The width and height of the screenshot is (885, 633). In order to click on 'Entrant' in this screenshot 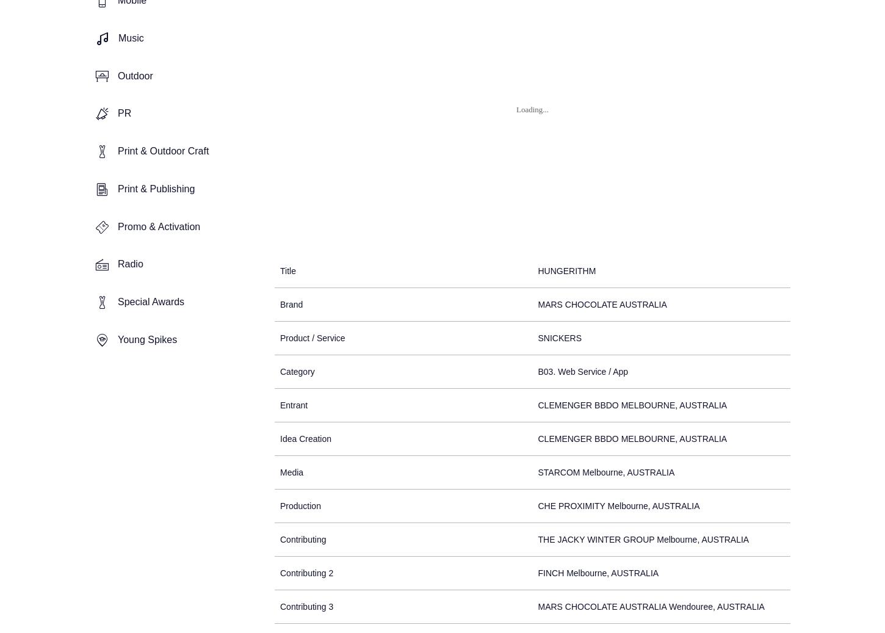, I will do `click(293, 404)`.